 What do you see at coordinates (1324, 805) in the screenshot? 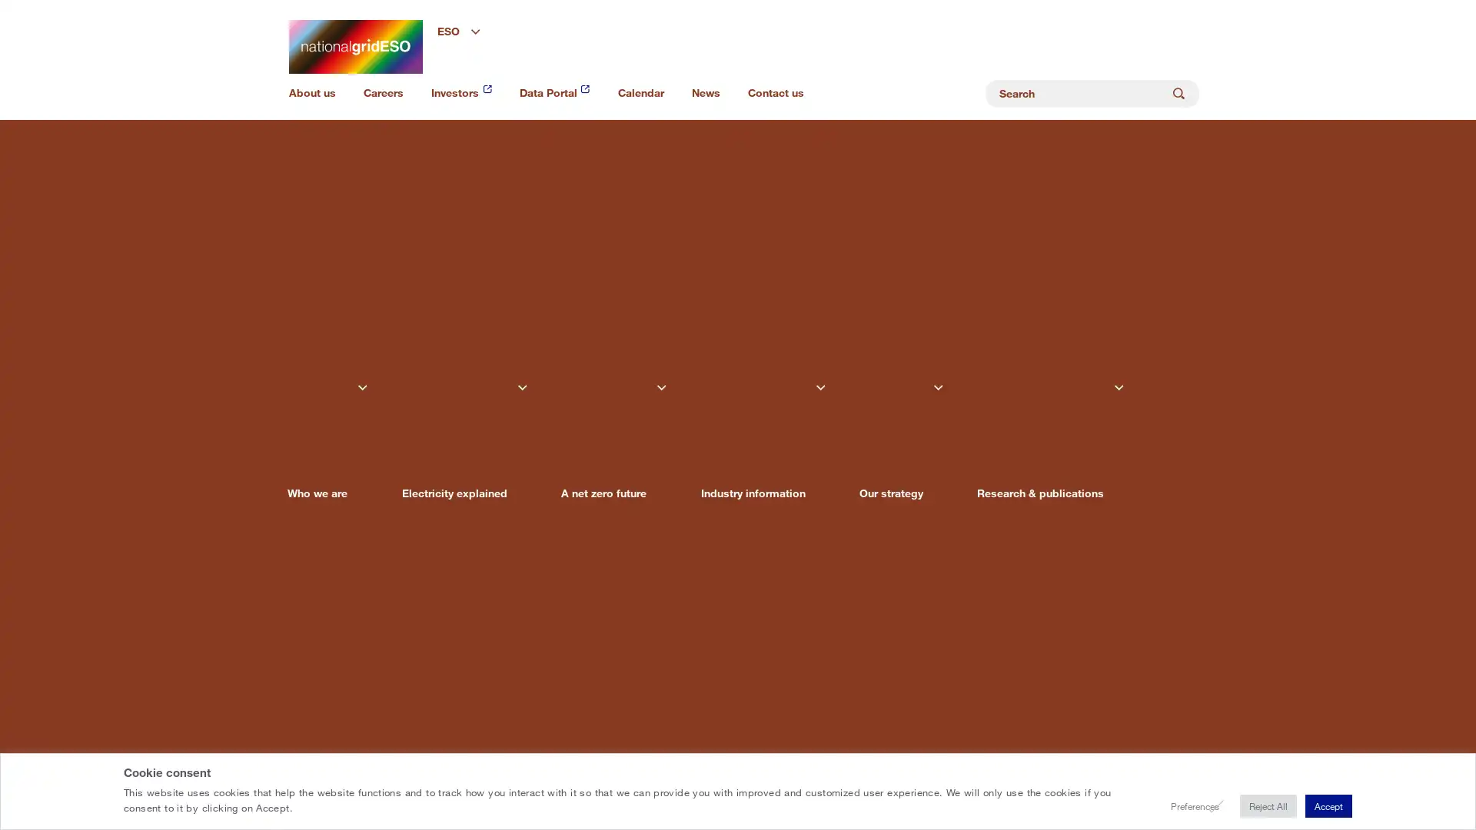
I see `Accept` at bounding box center [1324, 805].